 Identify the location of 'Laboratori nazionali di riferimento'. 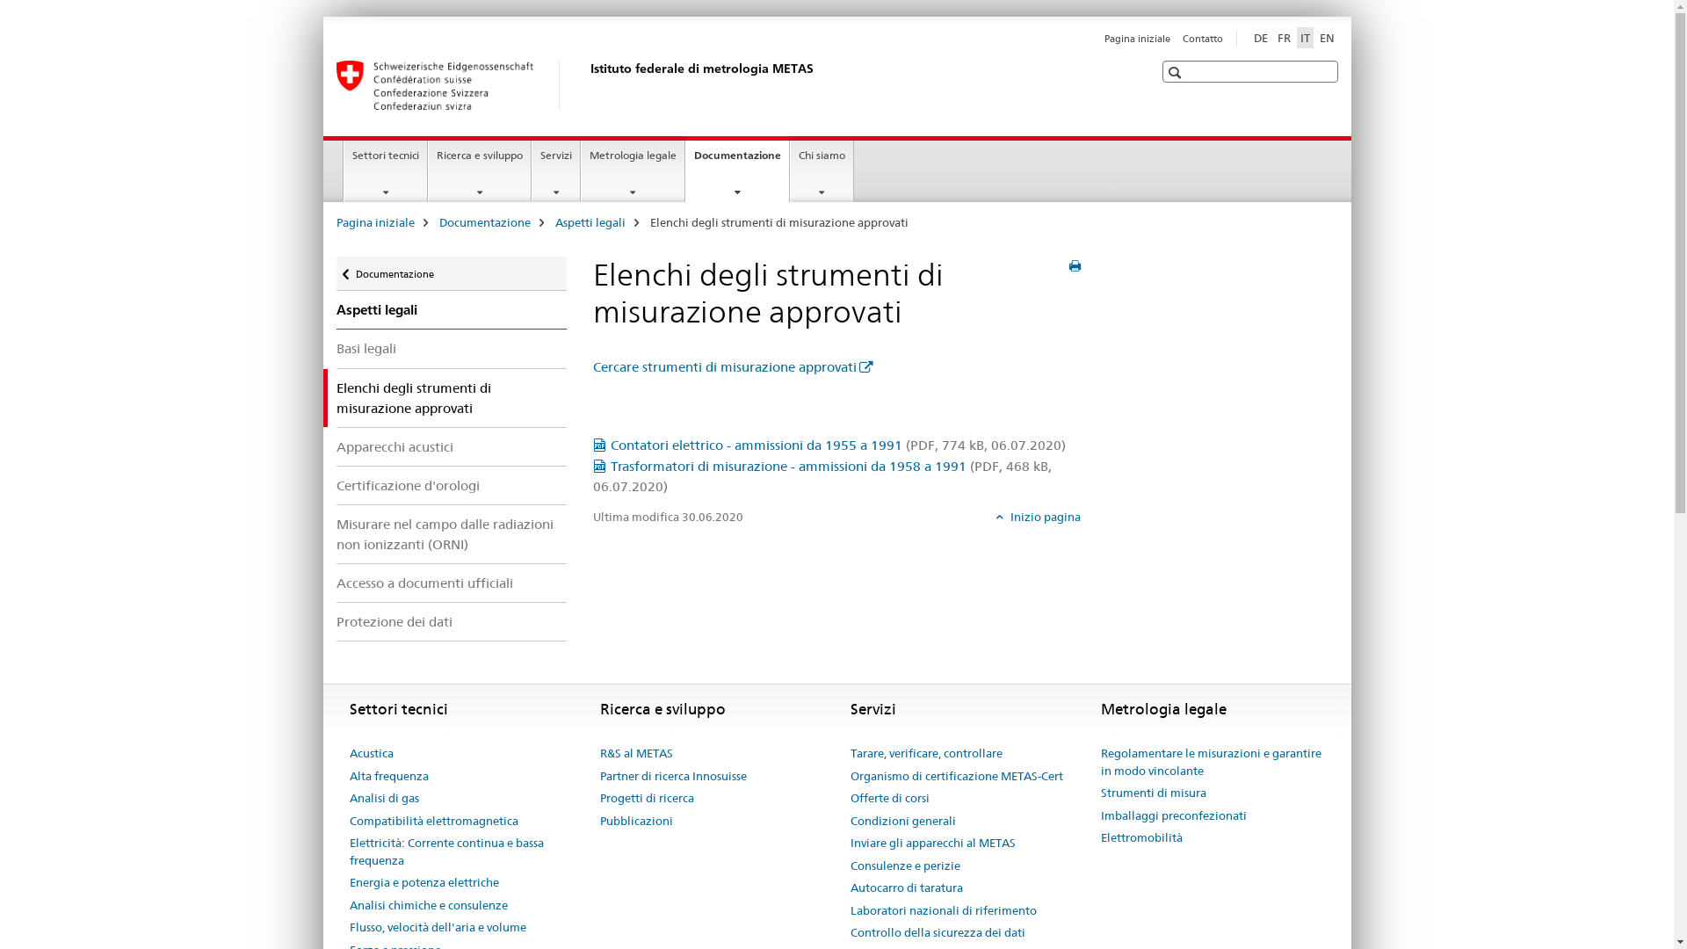
(943, 910).